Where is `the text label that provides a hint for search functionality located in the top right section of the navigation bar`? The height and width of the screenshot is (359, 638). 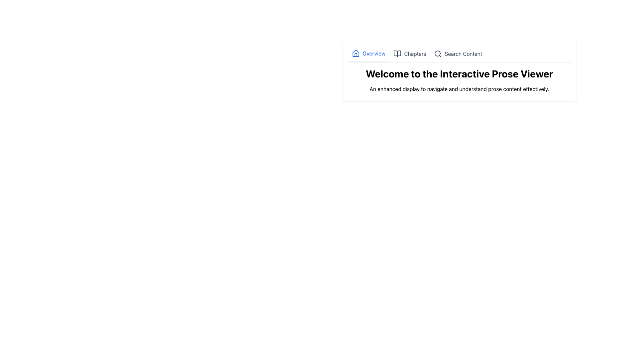 the text label that provides a hint for search functionality located in the top right section of the navigation bar is located at coordinates (463, 54).